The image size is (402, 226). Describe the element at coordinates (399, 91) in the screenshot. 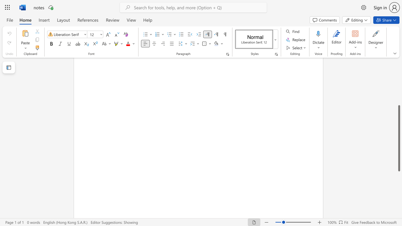

I see `the scrollbar to scroll upward` at that location.